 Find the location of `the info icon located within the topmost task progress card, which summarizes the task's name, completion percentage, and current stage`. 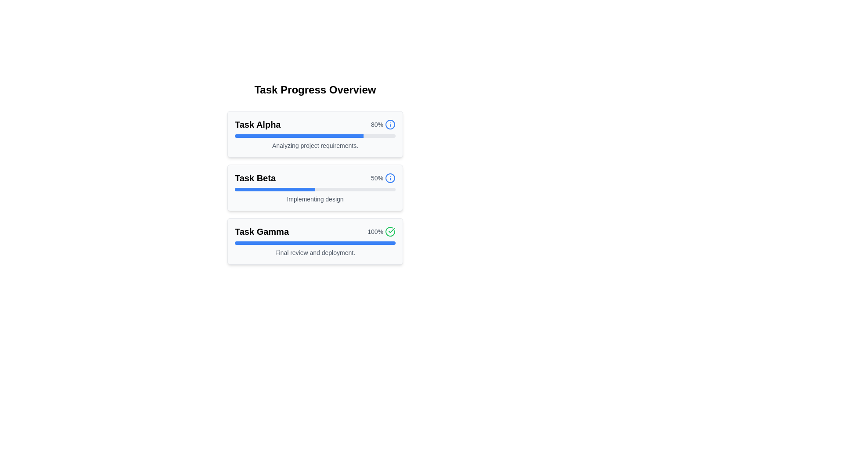

the info icon located within the topmost task progress card, which summarizes the task's name, completion percentage, and current stage is located at coordinates (315, 134).